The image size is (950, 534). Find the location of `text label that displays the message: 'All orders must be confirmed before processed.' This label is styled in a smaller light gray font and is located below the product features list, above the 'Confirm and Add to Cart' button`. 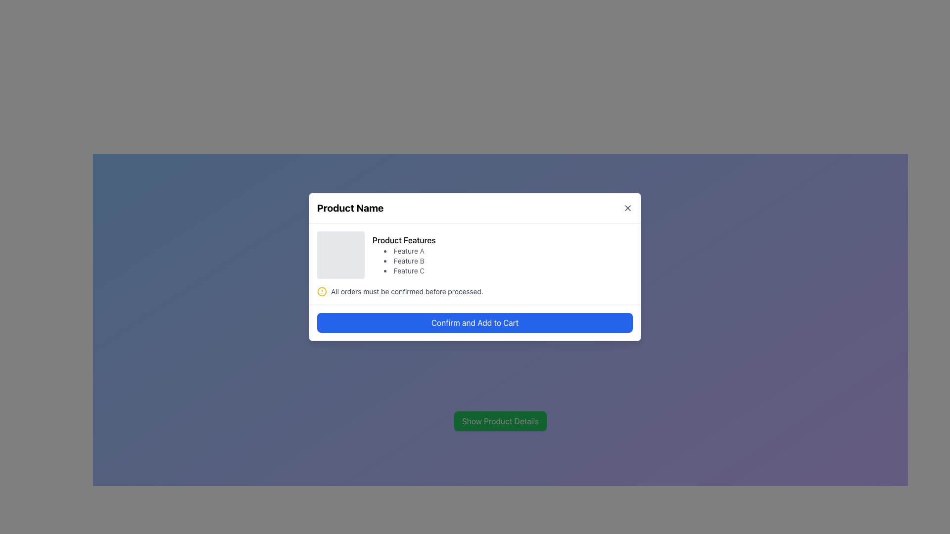

text label that displays the message: 'All orders must be confirmed before processed.' This label is styled in a smaller light gray font and is located below the product features list, above the 'Confirm and Add to Cart' button is located at coordinates (407, 291).